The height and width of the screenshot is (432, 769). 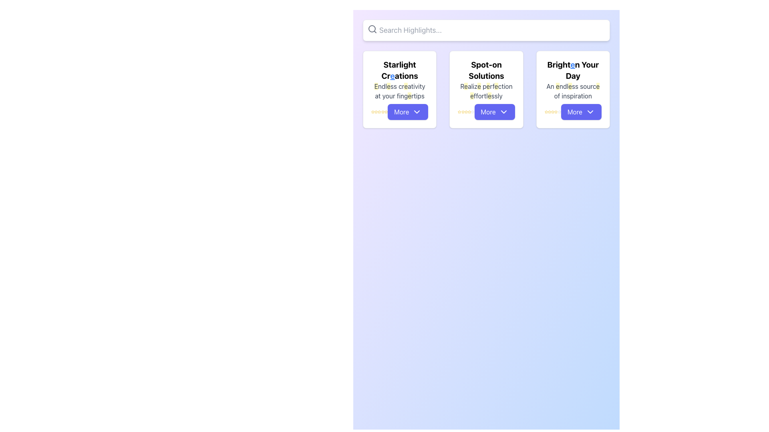 What do you see at coordinates (563, 86) in the screenshot?
I see `the text element located in the second horizontal row of the third card, which is part of the phrase 'An endless source of inspiration.'` at bounding box center [563, 86].